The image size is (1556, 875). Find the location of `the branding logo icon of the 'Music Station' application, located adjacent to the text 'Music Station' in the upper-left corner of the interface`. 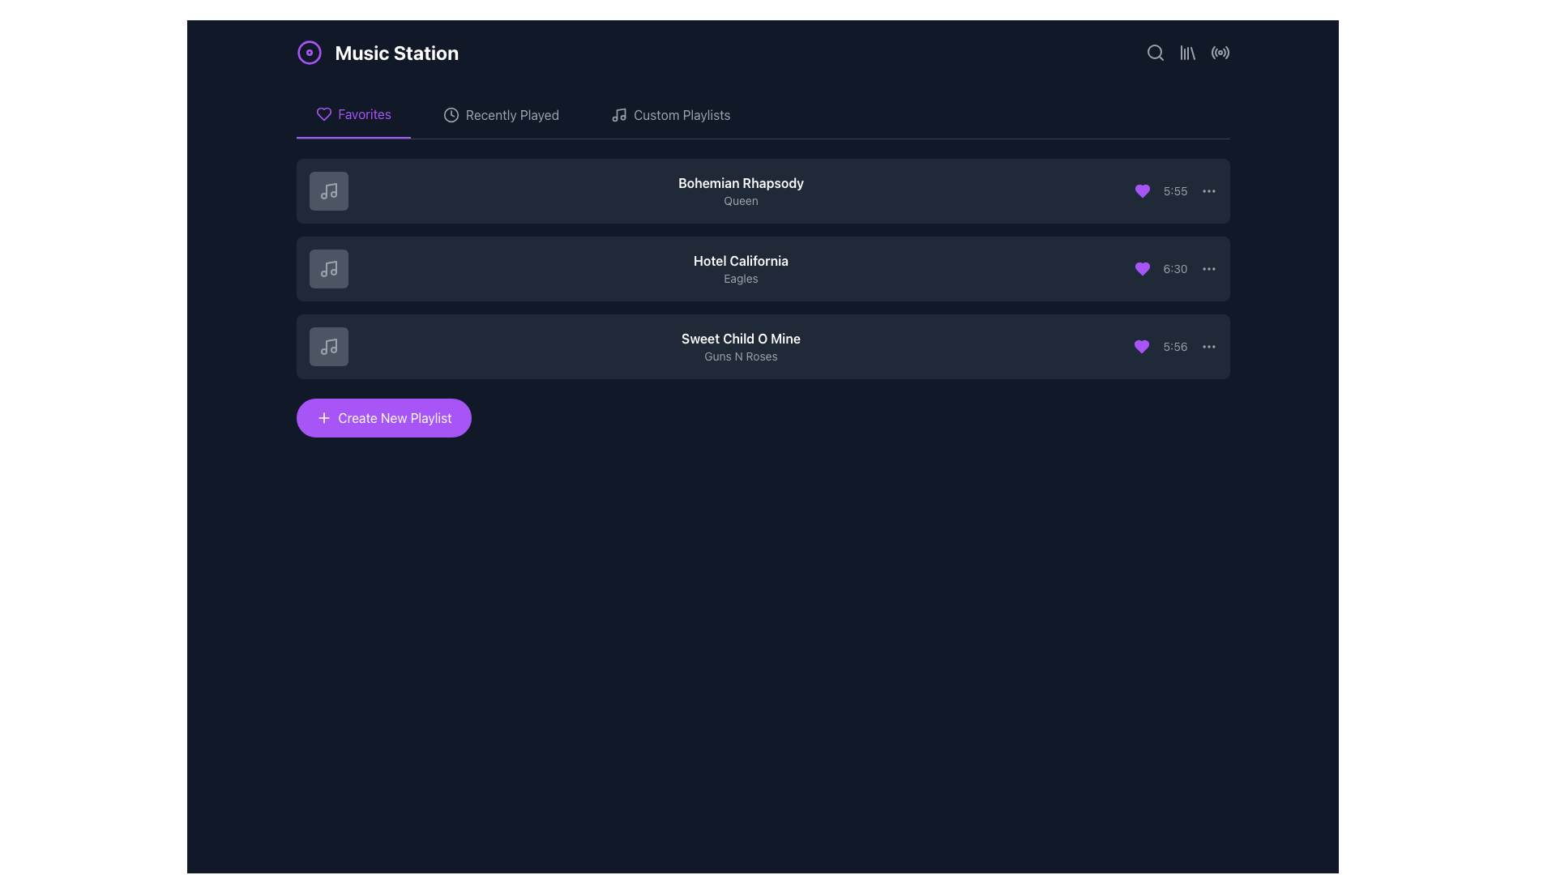

the branding logo icon of the 'Music Station' application, located adjacent to the text 'Music Station' in the upper-left corner of the interface is located at coordinates (309, 52).